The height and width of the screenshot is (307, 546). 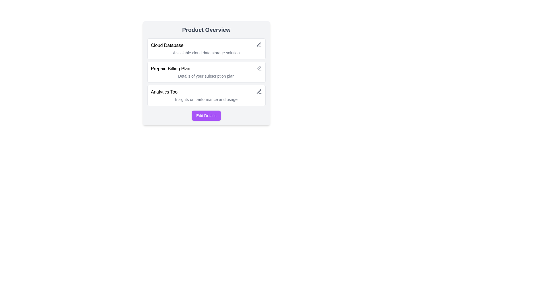 What do you see at coordinates (206, 115) in the screenshot?
I see `the 'Edit Details' button, which is a prominent purple rectangular button with rounded corners located under the 'Product Overview' section` at bounding box center [206, 115].